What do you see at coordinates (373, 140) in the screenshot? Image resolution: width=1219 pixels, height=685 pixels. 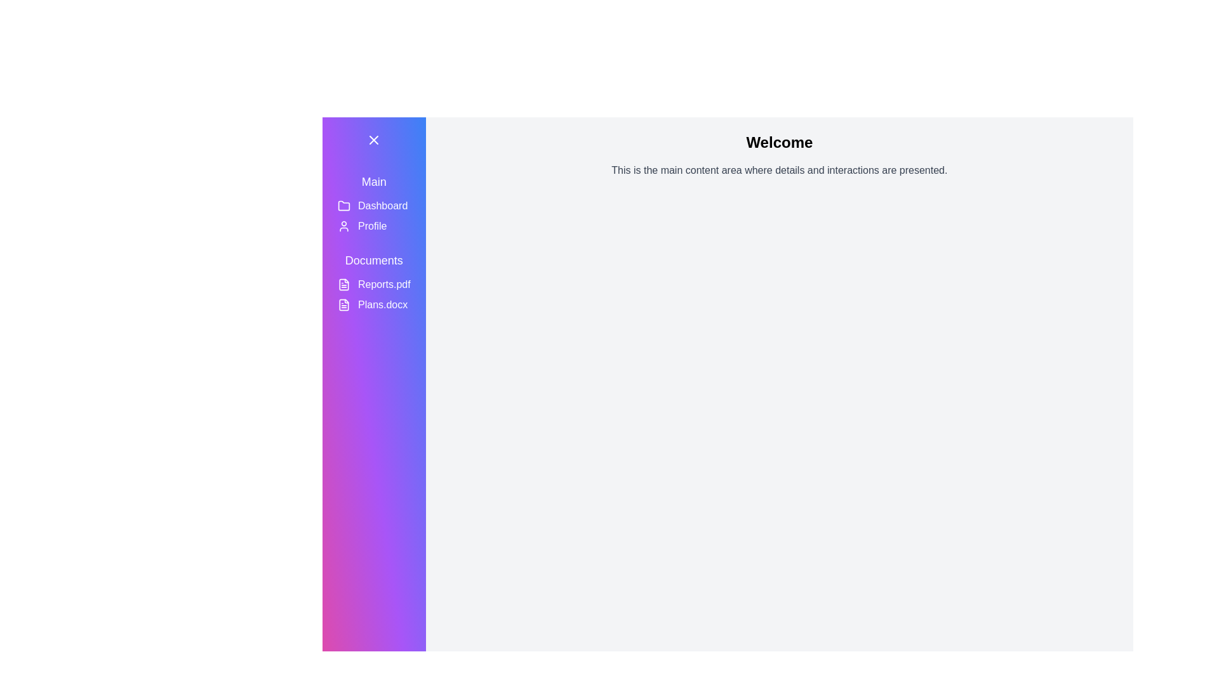 I see `the small, rounded button with a clear 'X' icon in its center, located at the top-left corner of the gradient sidebar` at bounding box center [373, 140].